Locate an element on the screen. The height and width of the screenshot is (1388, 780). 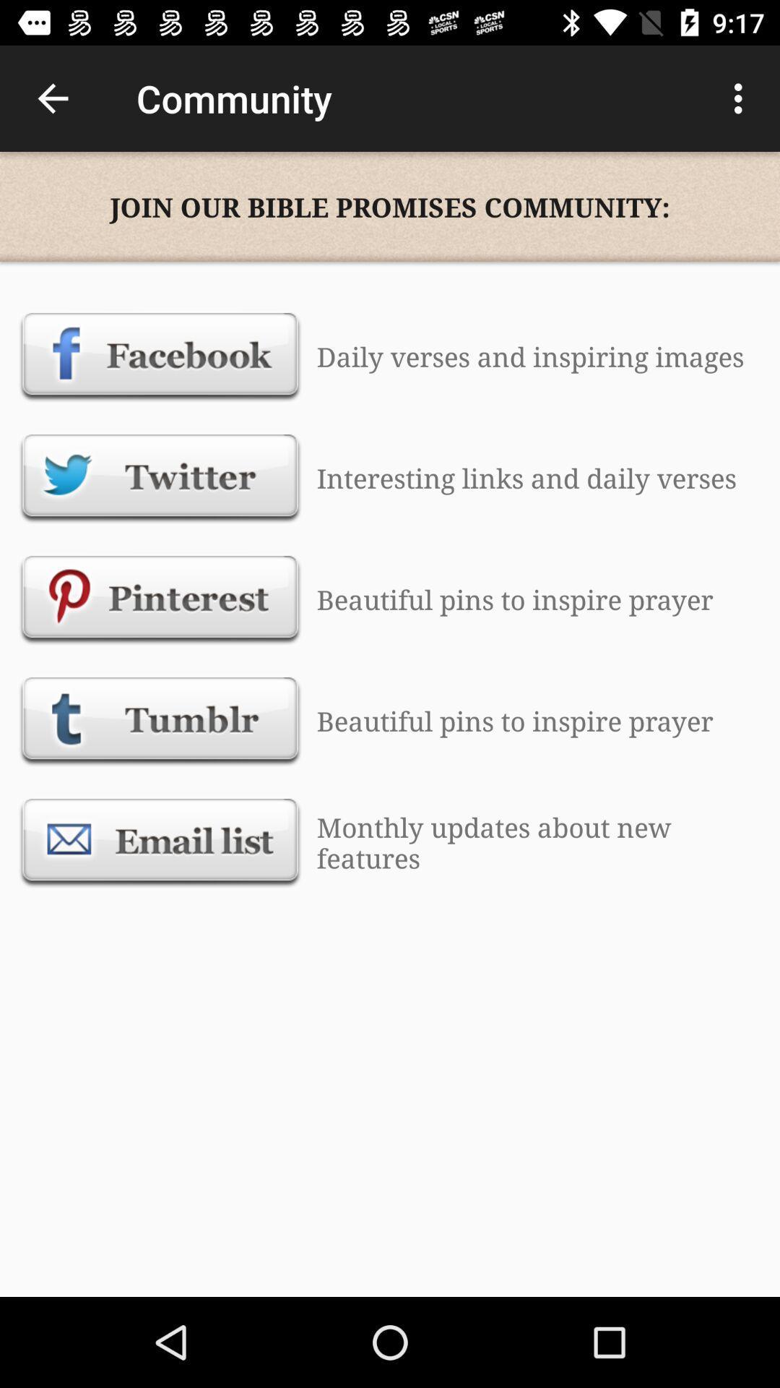
tumblr icon is located at coordinates (160, 721).